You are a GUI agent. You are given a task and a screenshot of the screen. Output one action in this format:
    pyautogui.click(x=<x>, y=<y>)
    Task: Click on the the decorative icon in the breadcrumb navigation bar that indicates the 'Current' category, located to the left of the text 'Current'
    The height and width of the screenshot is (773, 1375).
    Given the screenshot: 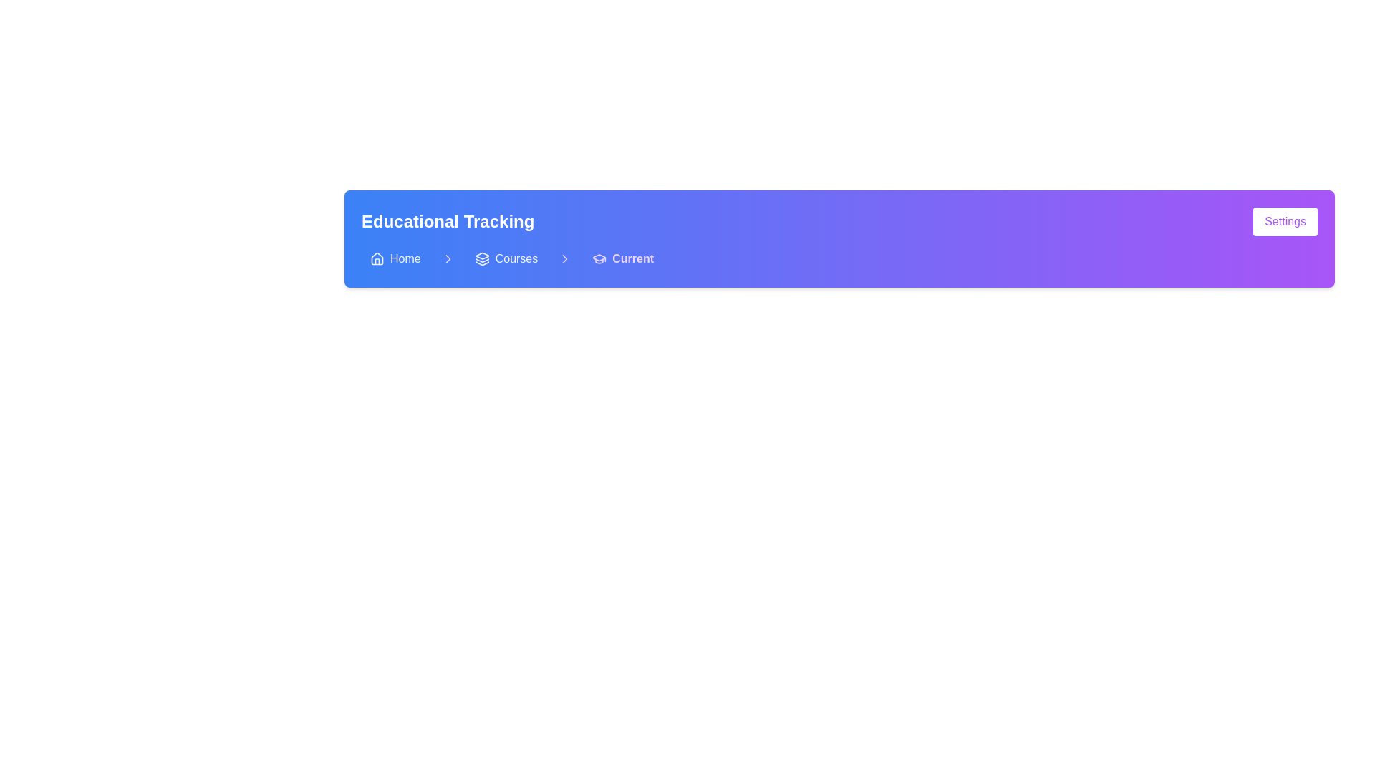 What is the action you would take?
    pyautogui.click(x=599, y=259)
    